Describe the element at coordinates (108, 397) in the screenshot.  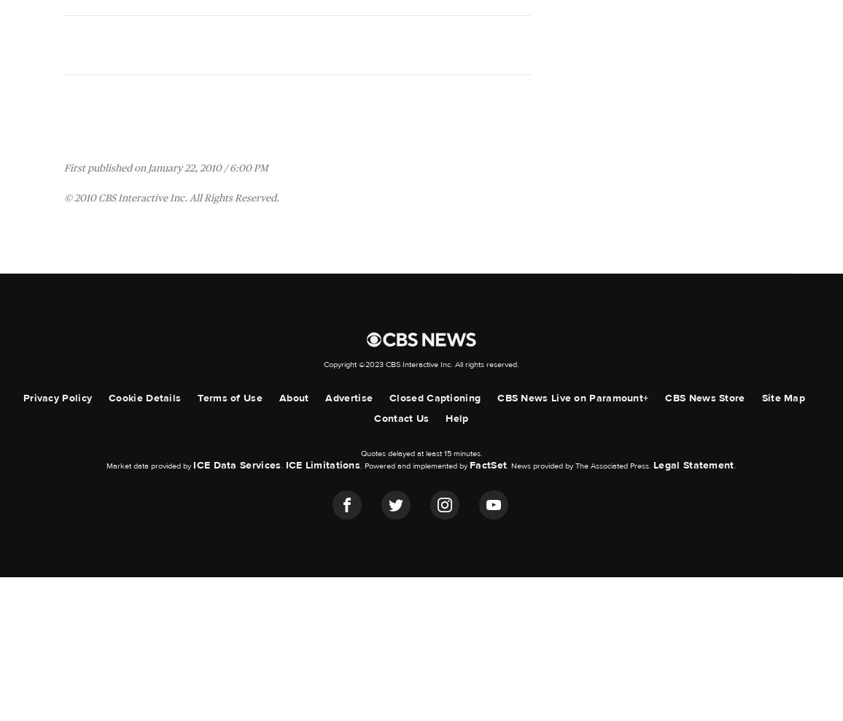
I see `'Cookie Details'` at that location.